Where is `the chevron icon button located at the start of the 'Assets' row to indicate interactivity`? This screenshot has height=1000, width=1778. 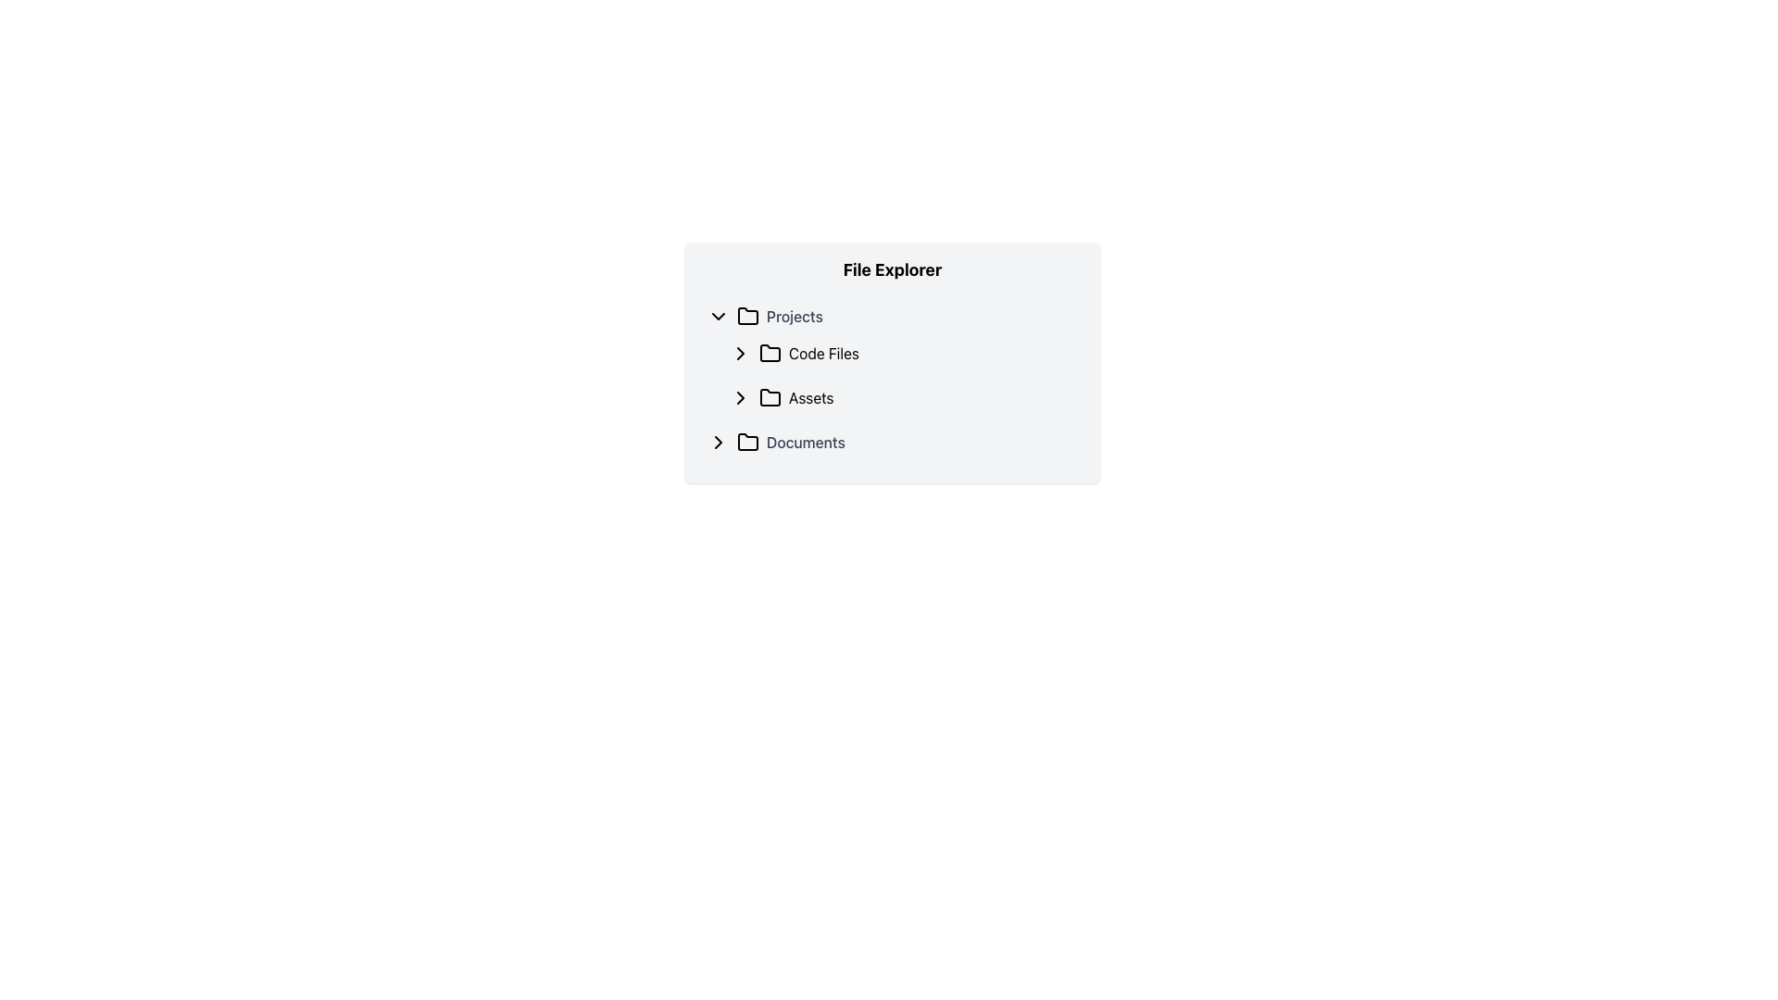 the chevron icon button located at the start of the 'Assets' row to indicate interactivity is located at coordinates (741, 396).